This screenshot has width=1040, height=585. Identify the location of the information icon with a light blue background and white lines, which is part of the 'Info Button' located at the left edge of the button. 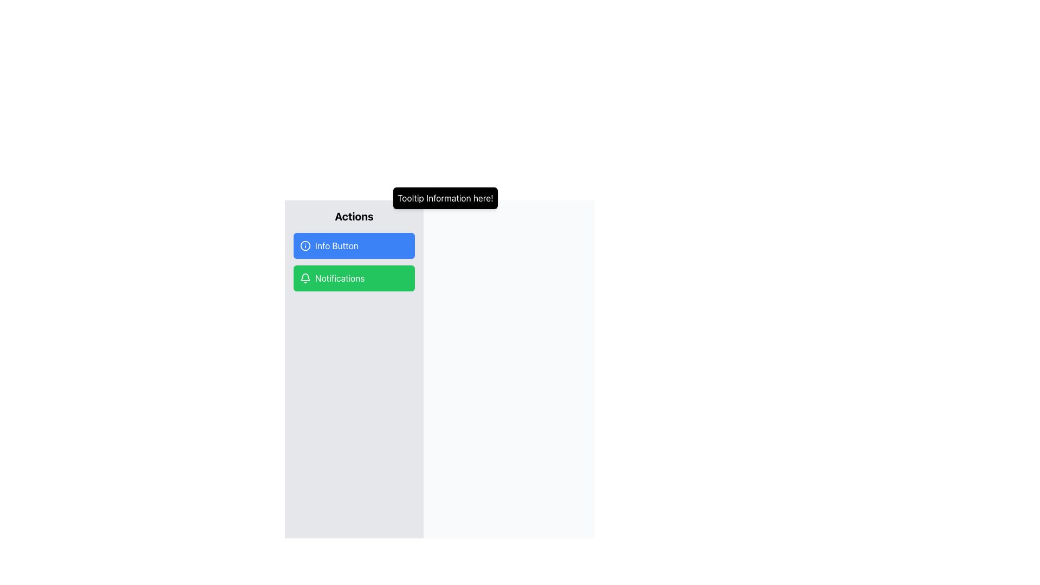
(305, 246).